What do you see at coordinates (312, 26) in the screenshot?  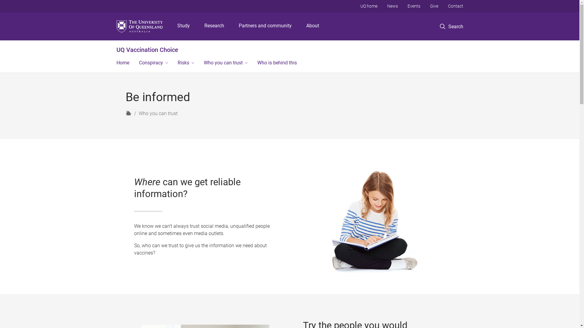 I see `'About'` at bounding box center [312, 26].